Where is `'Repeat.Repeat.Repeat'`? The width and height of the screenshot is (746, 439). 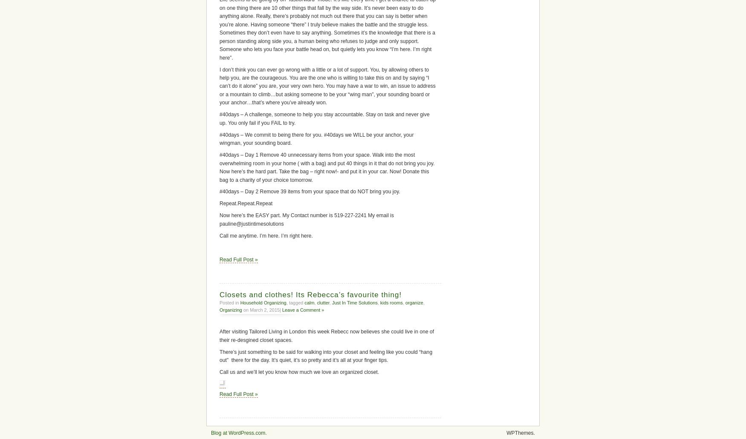
'Repeat.Repeat.Repeat' is located at coordinates (246, 203).